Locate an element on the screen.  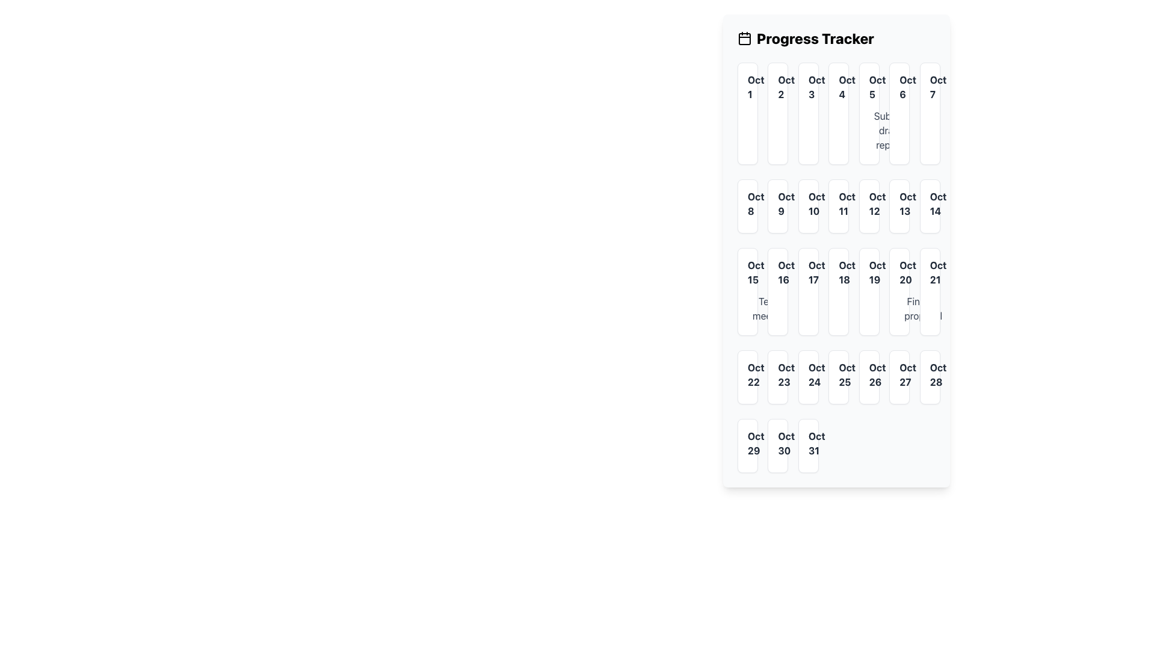
Date Cell displaying 'October 14', located in the second row, last column of the calendar grid is located at coordinates (929, 206).